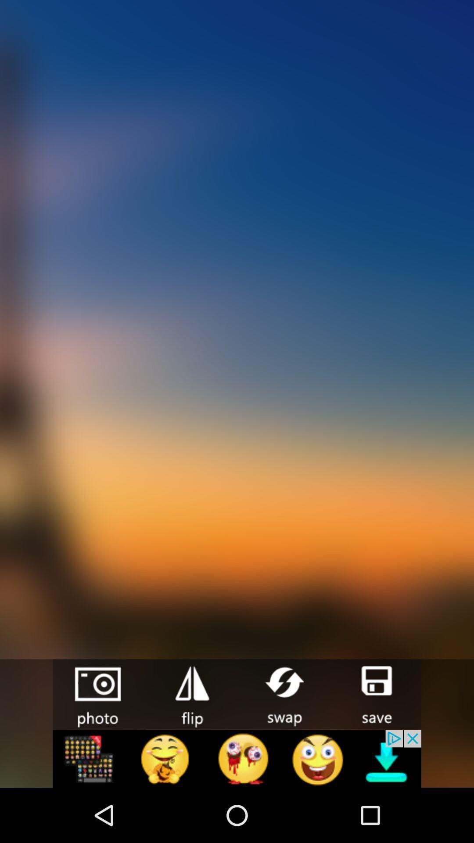 Image resolution: width=474 pixels, height=843 pixels. Describe the element at coordinates (237, 758) in the screenshot. I see `linked page` at that location.